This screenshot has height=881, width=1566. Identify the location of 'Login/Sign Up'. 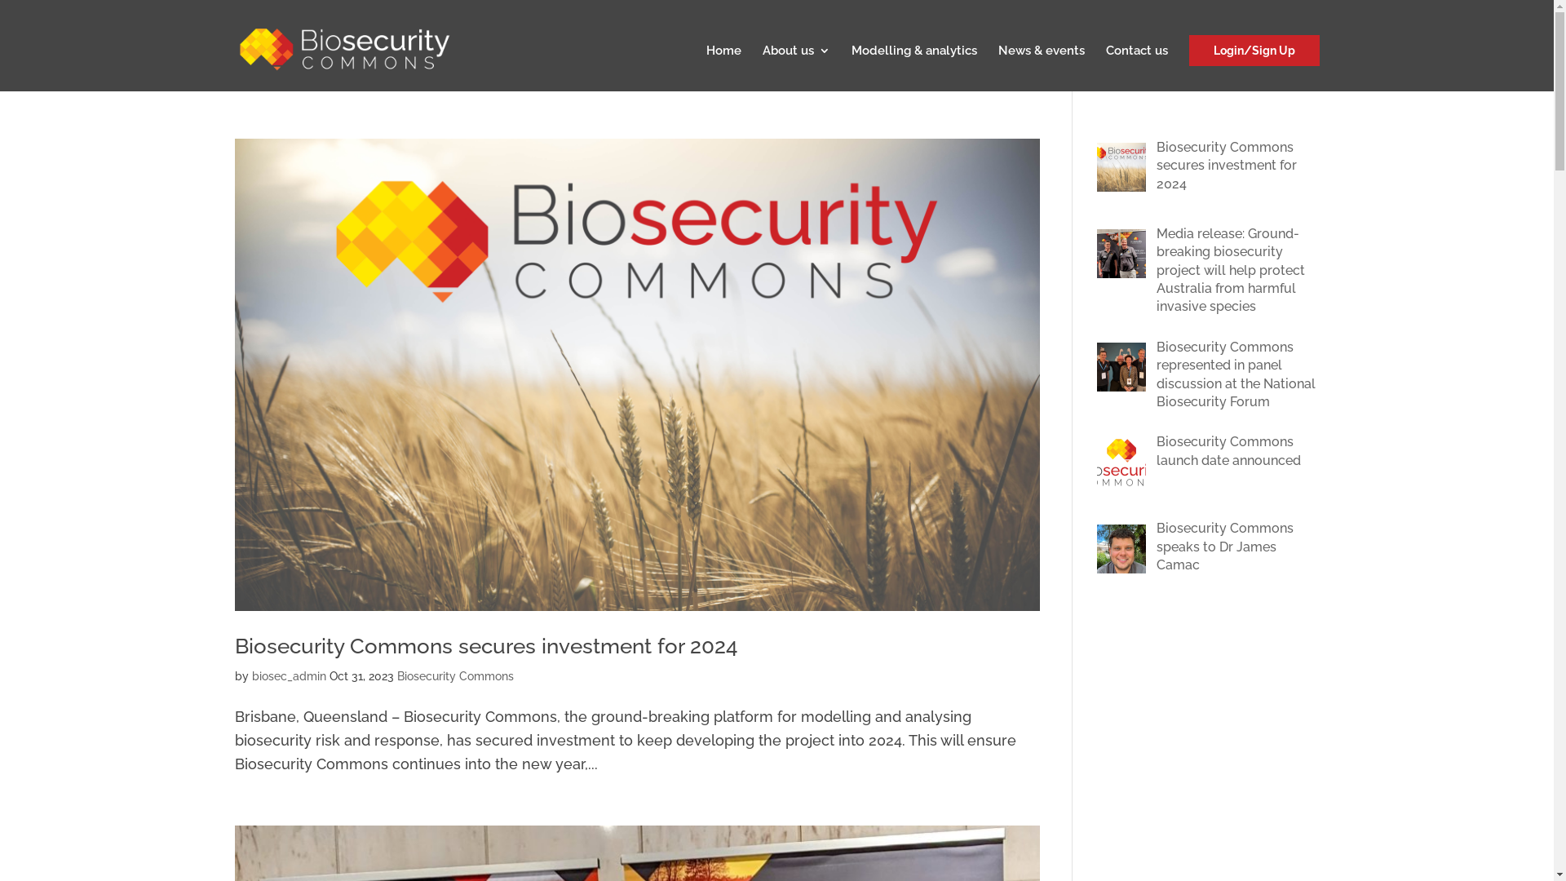
(1189, 49).